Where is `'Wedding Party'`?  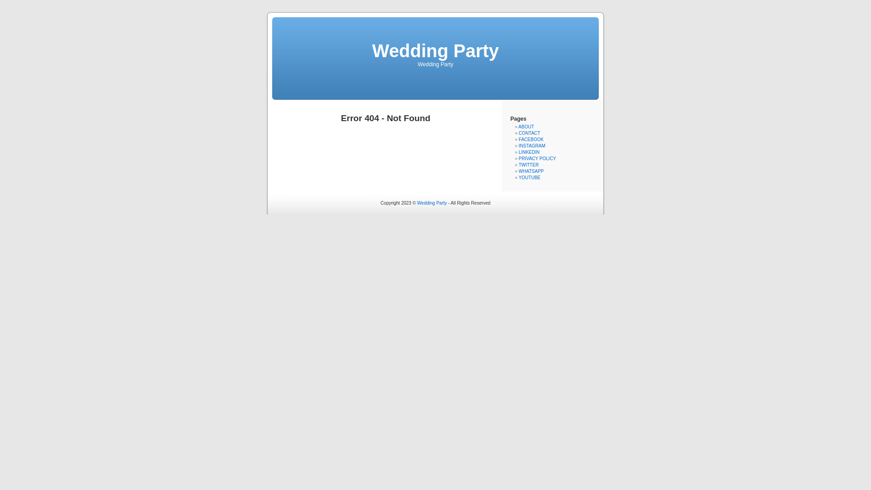
'Wedding Party' is located at coordinates (431, 202).